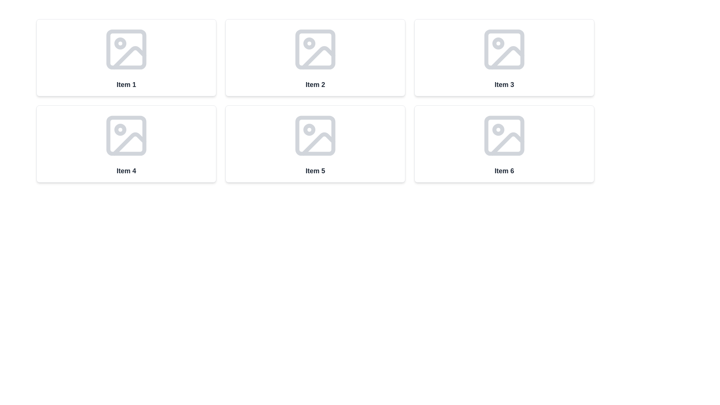 The width and height of the screenshot is (720, 405). What do you see at coordinates (315, 144) in the screenshot?
I see `the card element displaying 'Item 5', which is a rectangular card with a white background and a grey placeholder image icon at the top` at bounding box center [315, 144].